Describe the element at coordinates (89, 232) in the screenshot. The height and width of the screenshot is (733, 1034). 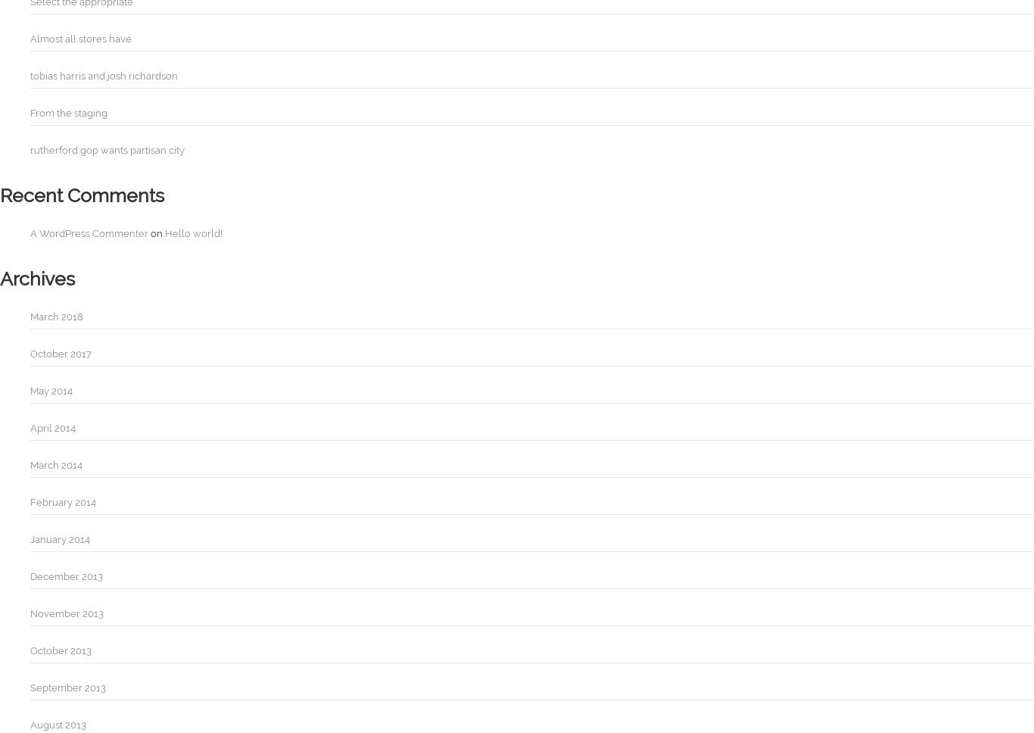
I see `'A WordPress Commenter'` at that location.